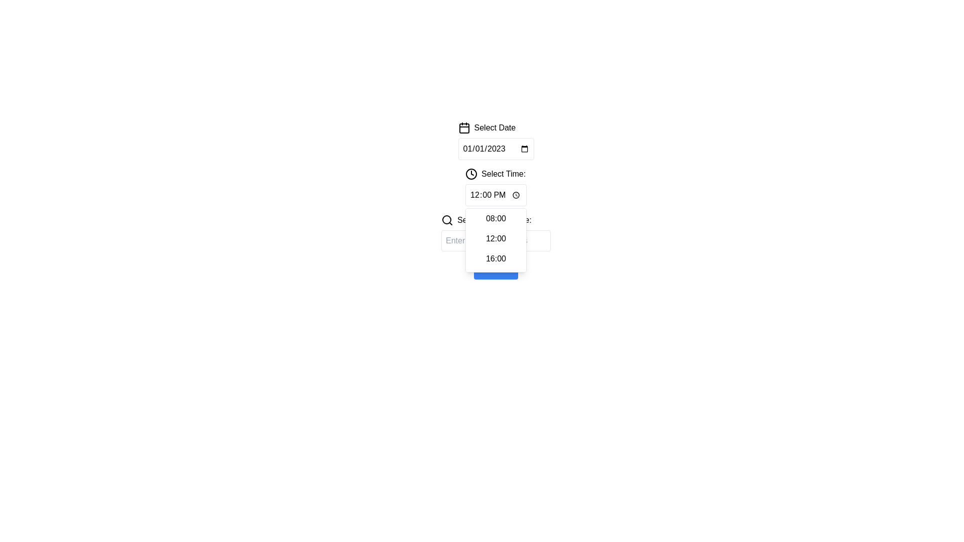 This screenshot has width=964, height=542. I want to click on the Time selector input field located below the 'Select Date' field in the 'Select Time:' section, so click(496, 195).